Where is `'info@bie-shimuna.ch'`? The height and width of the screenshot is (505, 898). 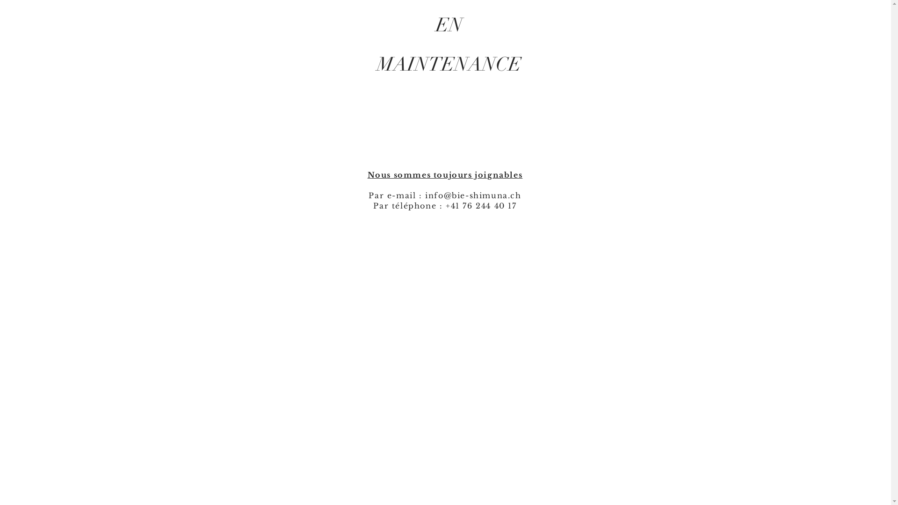
'info@bie-shimuna.ch' is located at coordinates (473, 195).